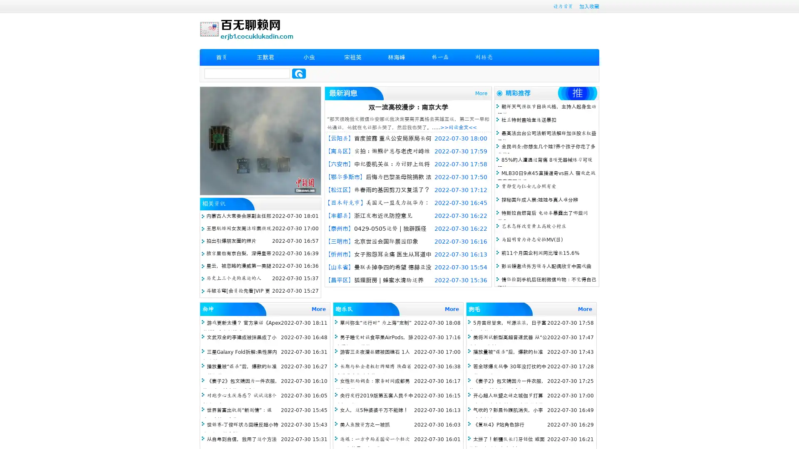 This screenshot has width=799, height=449. I want to click on Search, so click(299, 73).